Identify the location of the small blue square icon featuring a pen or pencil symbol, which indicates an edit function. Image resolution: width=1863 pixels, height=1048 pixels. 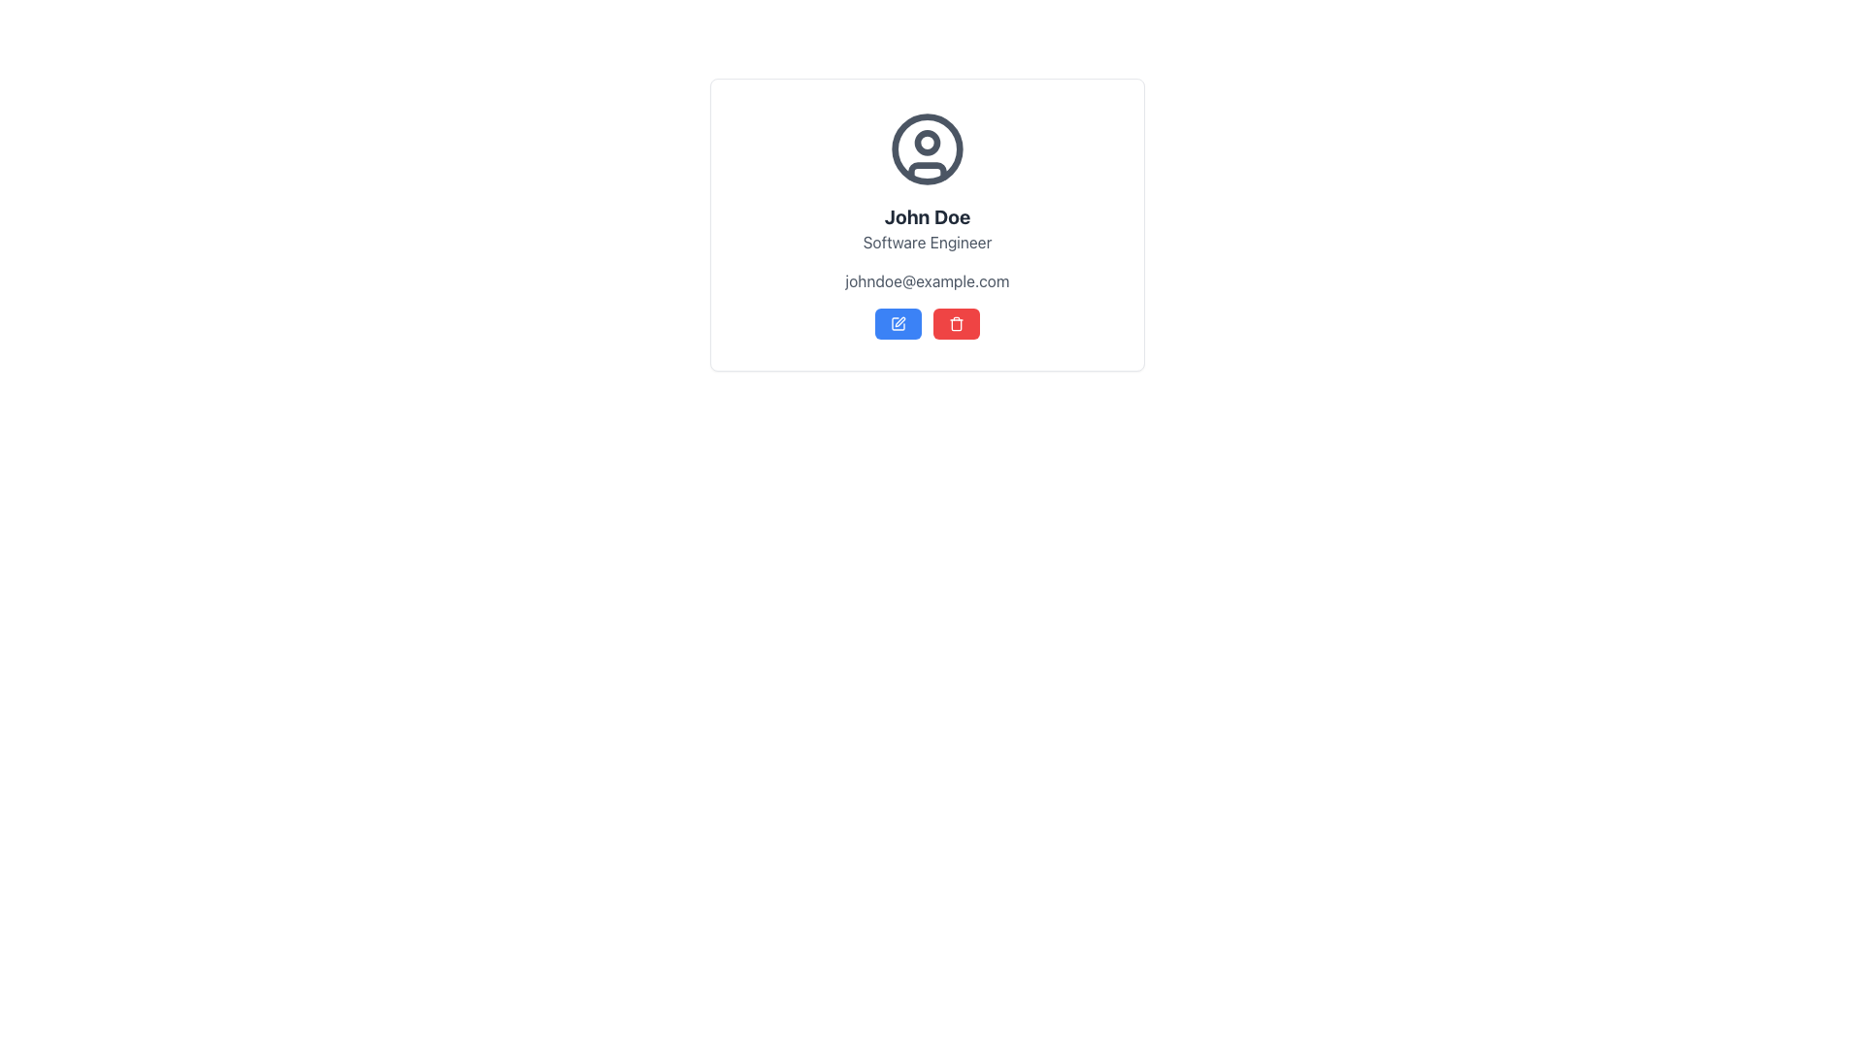
(898, 323).